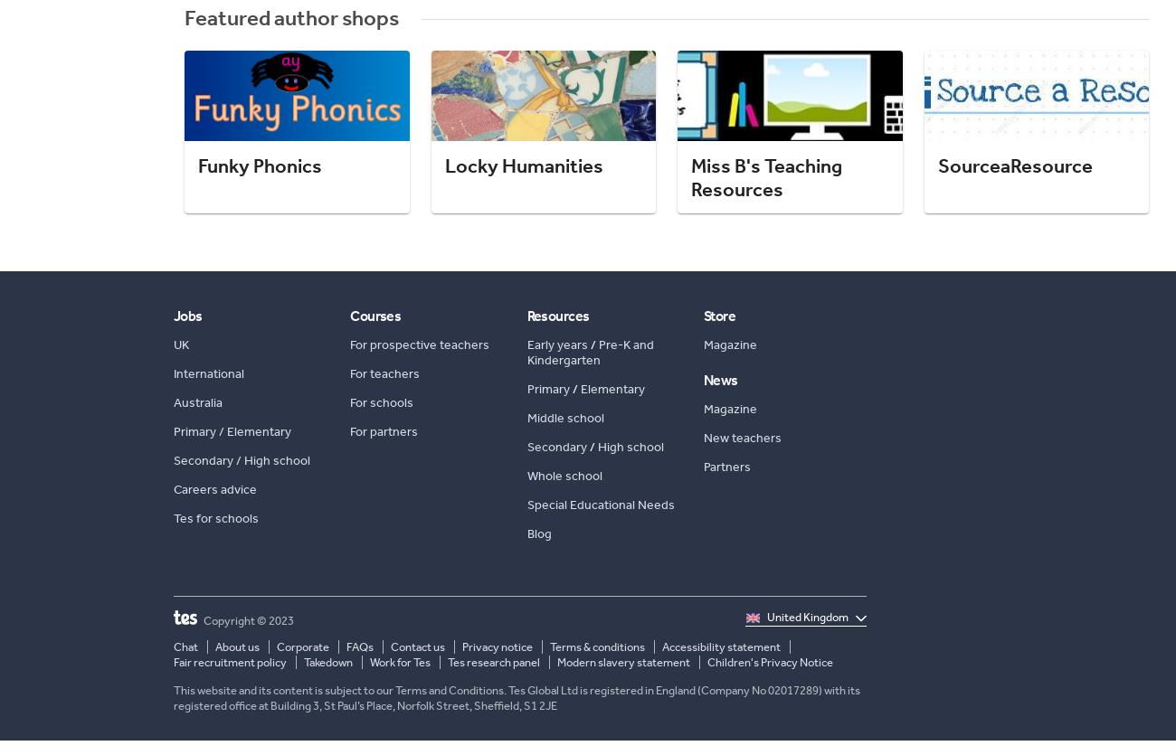  Describe the element at coordinates (493, 661) in the screenshot. I see `'Tes research panel'` at that location.